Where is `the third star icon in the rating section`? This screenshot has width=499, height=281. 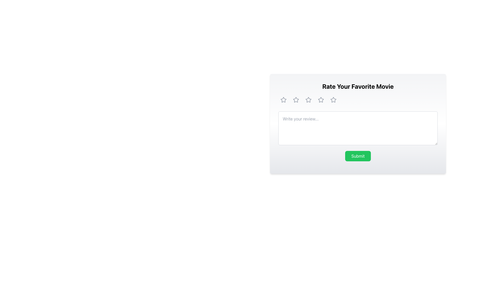
the third star icon in the rating section is located at coordinates (308, 100).